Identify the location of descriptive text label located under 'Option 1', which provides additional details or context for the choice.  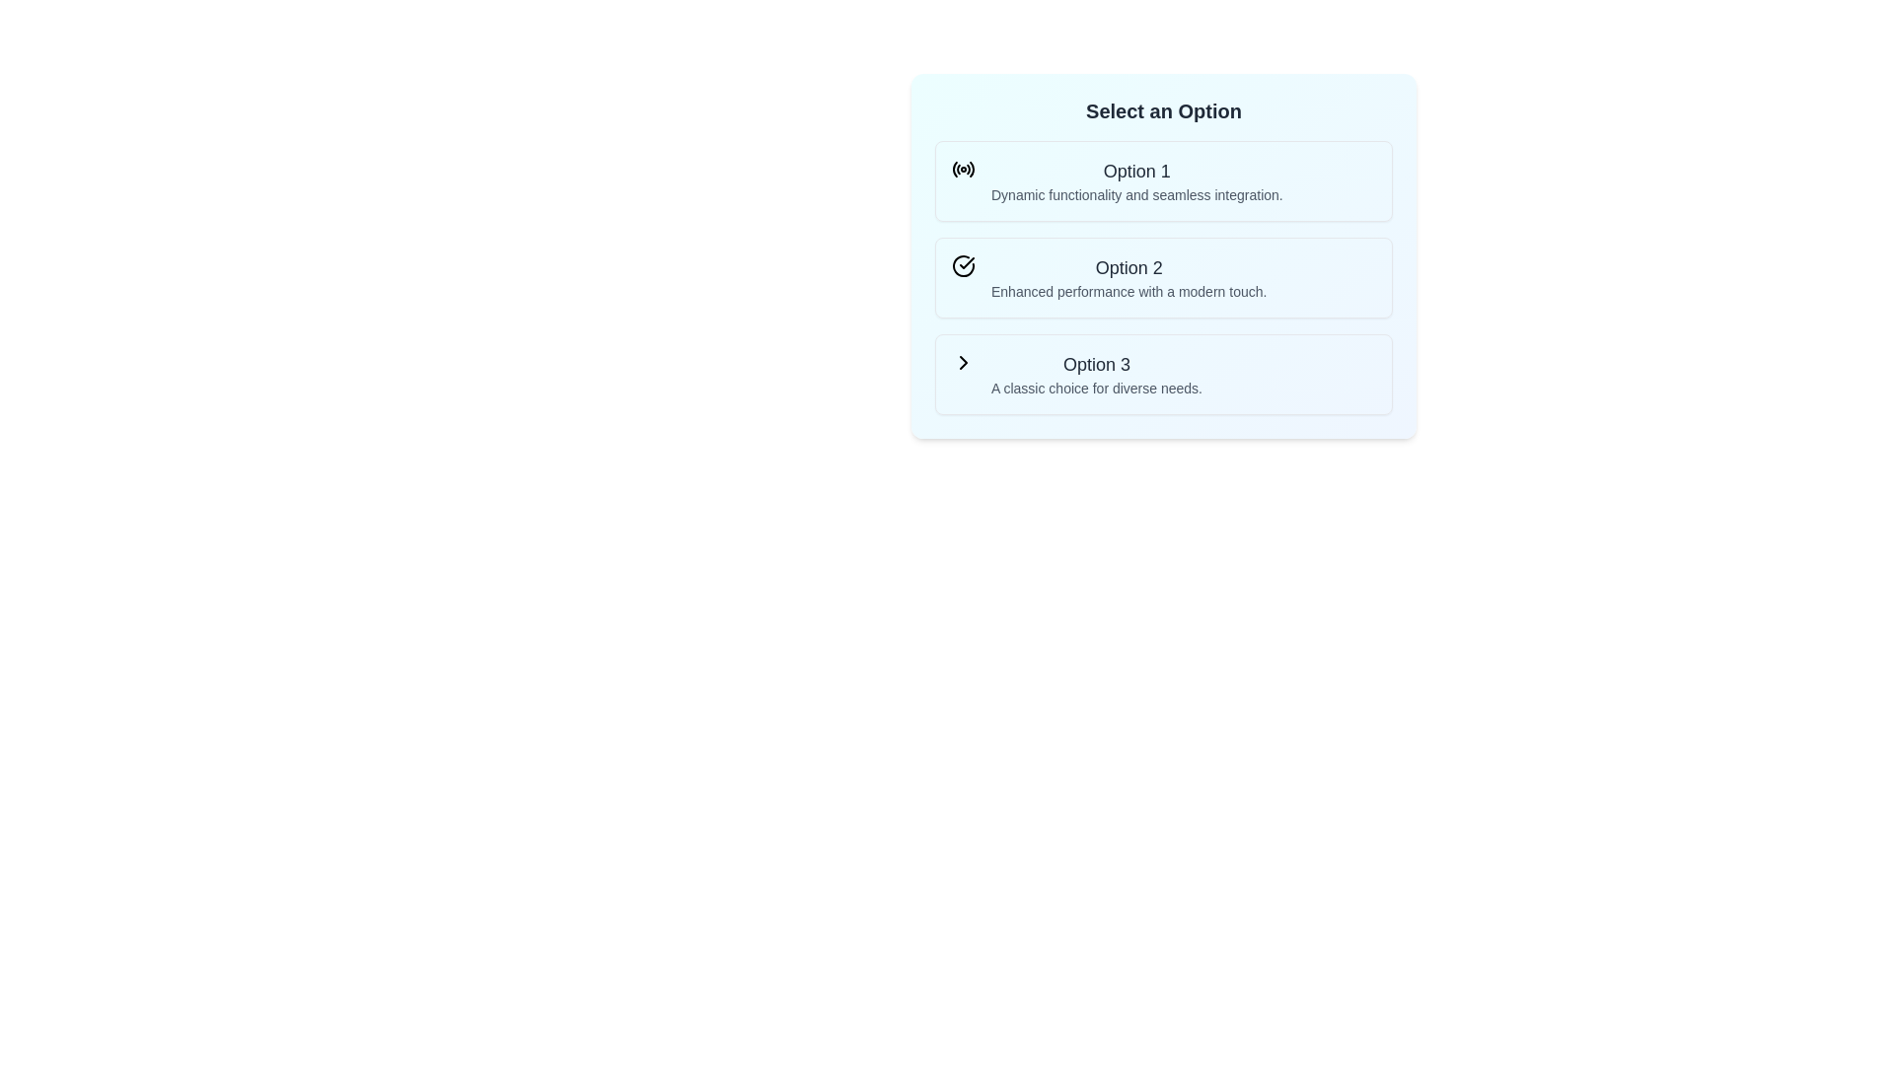
(1136, 194).